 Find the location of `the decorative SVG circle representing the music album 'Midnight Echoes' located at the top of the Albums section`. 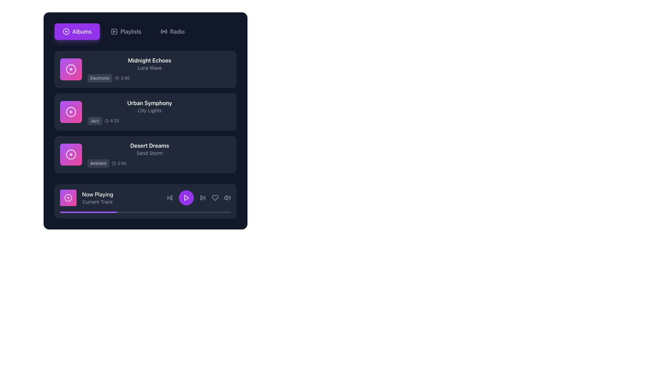

the decorative SVG circle representing the music album 'Midnight Echoes' located at the top of the Albums section is located at coordinates (71, 69).